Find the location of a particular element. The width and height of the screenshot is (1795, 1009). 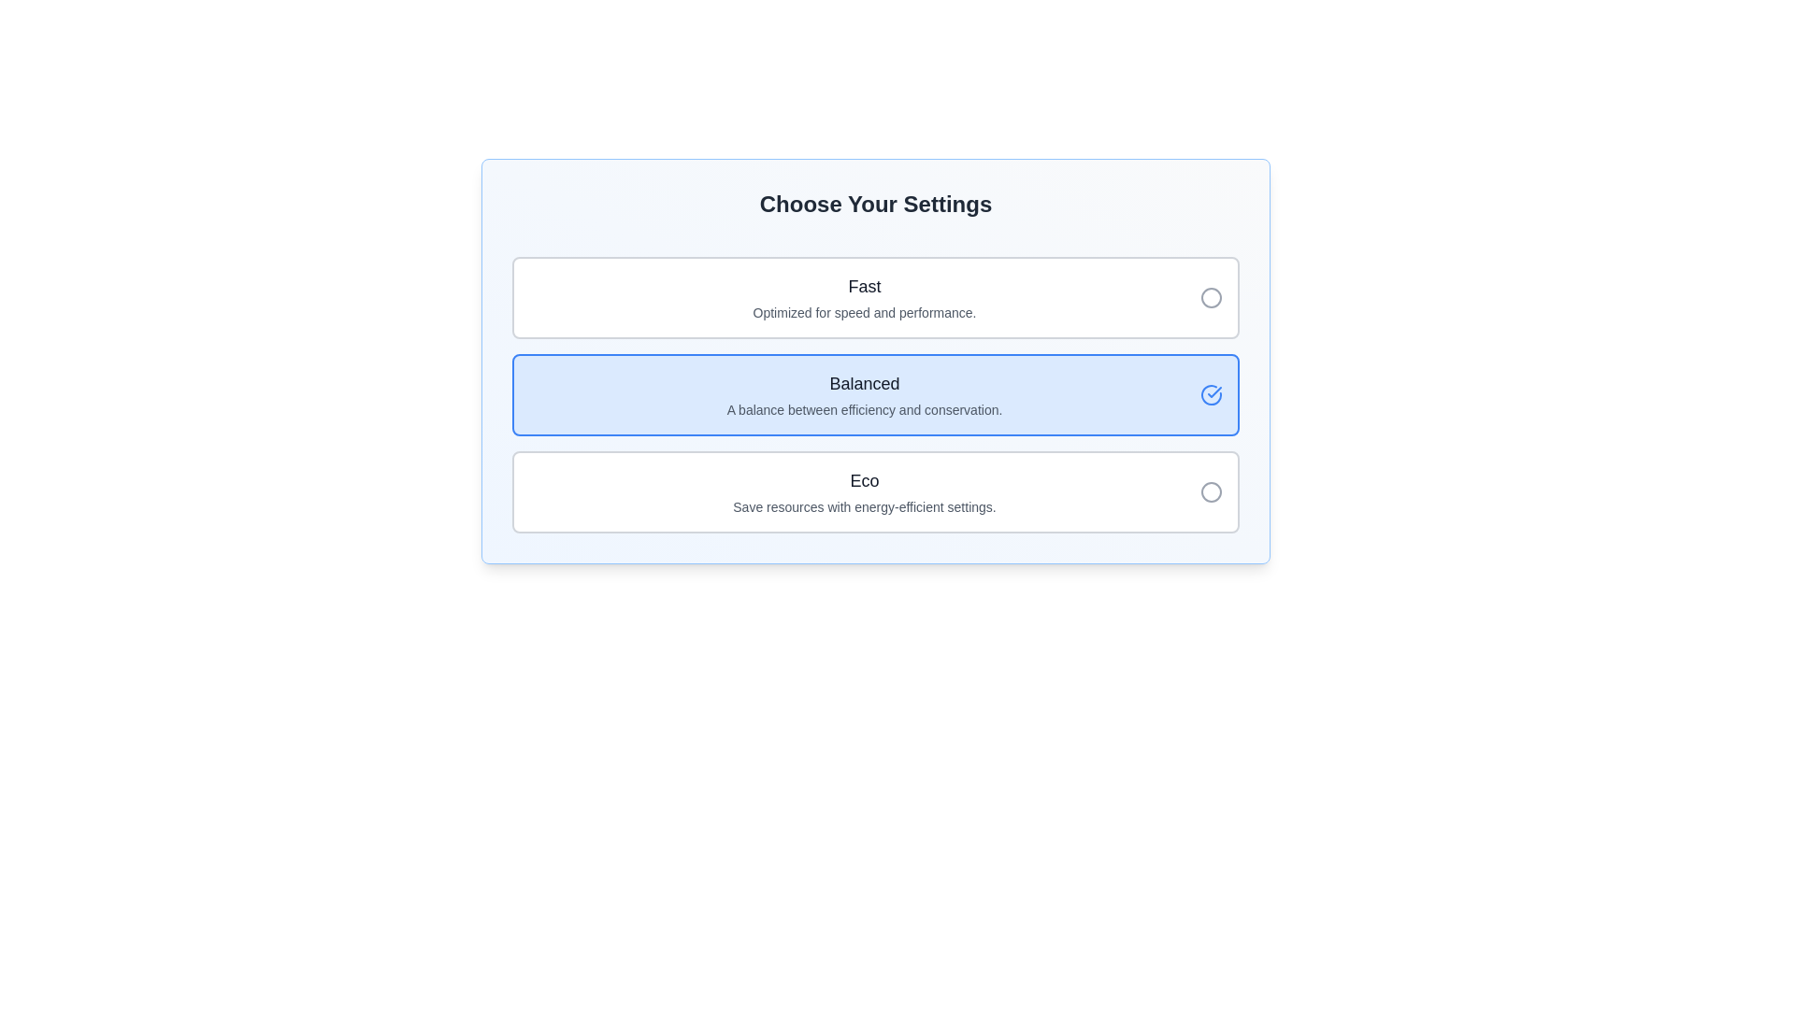

the graphical checkmark icon located at the far-right side of the blue highlighted rectangle labeled 'Balanced' is located at coordinates (1214, 391).